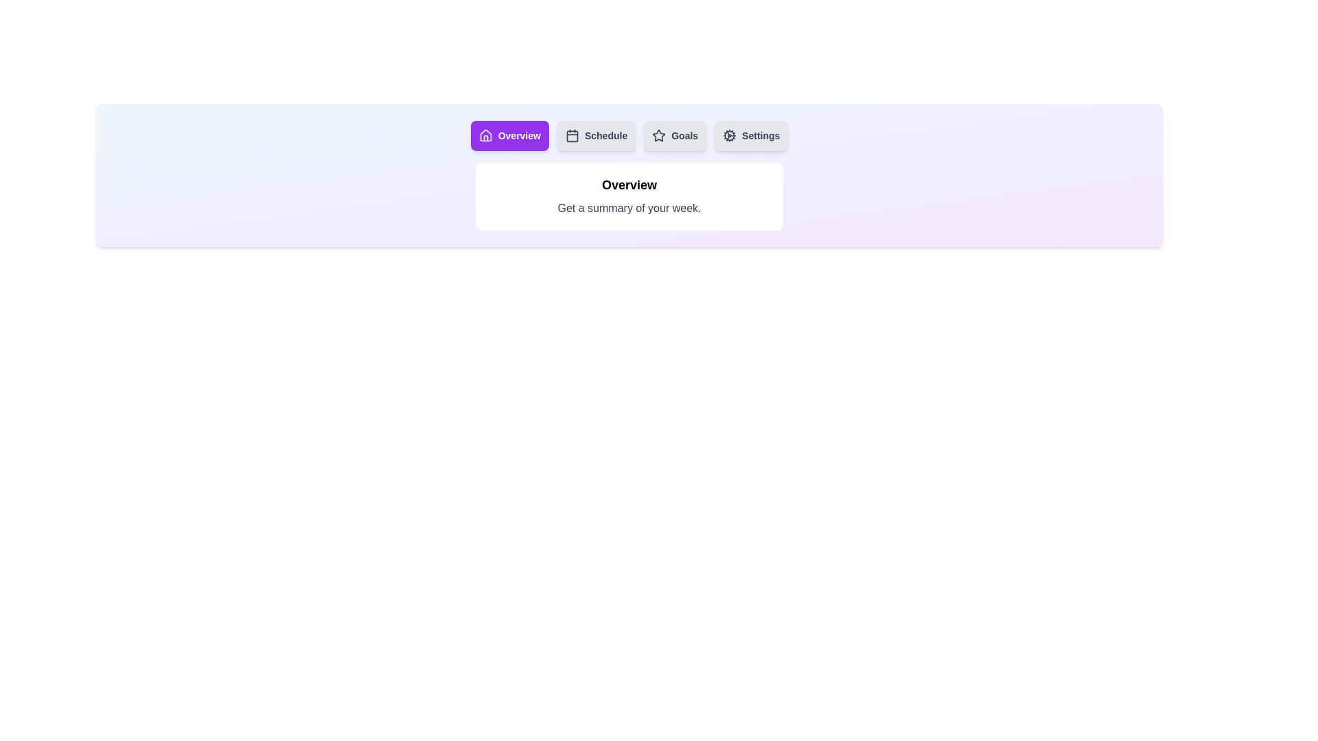  Describe the element at coordinates (596, 135) in the screenshot. I see `the Schedule button to observe its hover effect` at that location.